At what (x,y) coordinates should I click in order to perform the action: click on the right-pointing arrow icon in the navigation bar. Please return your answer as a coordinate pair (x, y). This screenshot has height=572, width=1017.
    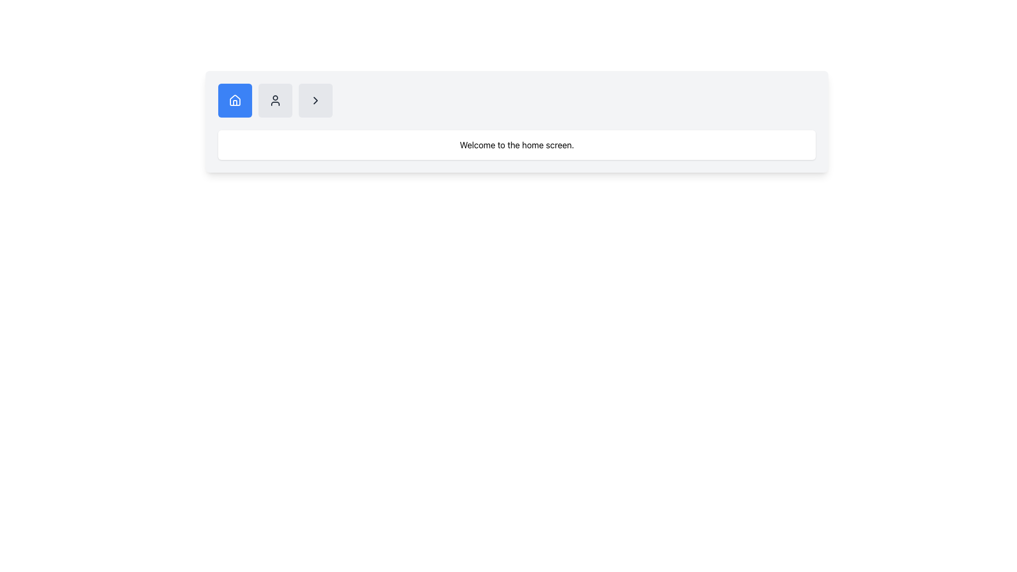
    Looking at the image, I should click on (315, 100).